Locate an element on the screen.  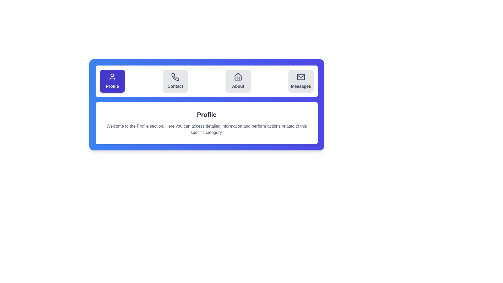
the Profile tab by clicking its button is located at coordinates (112, 81).